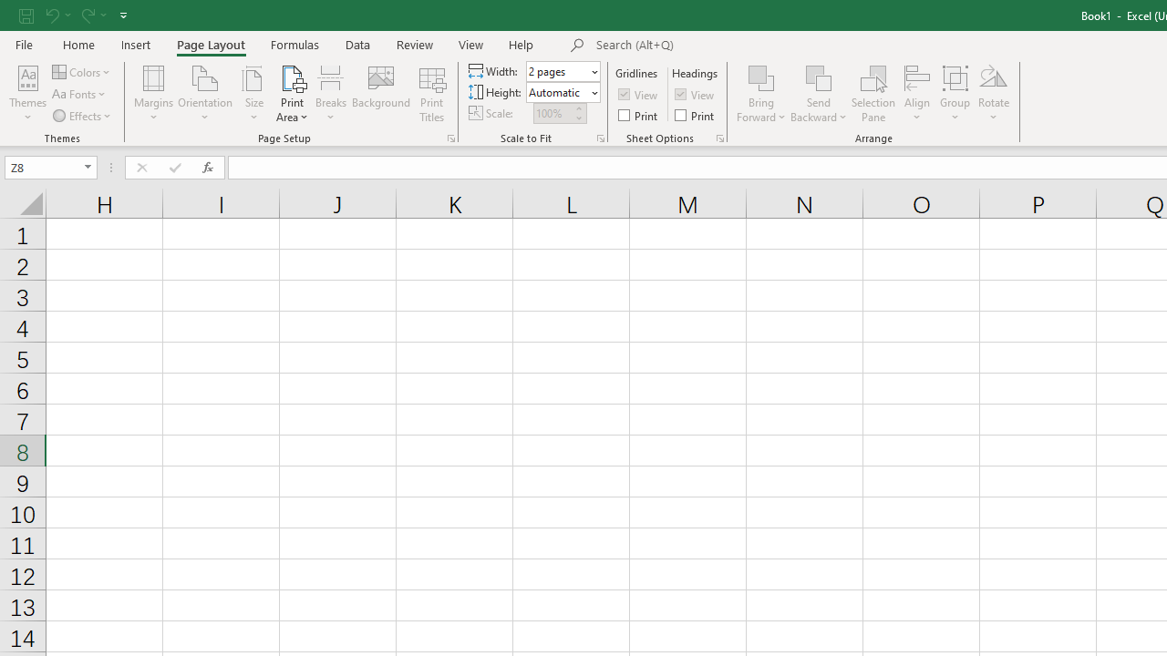 The image size is (1167, 656). What do you see at coordinates (431, 94) in the screenshot?
I see `'Print Titles'` at bounding box center [431, 94].